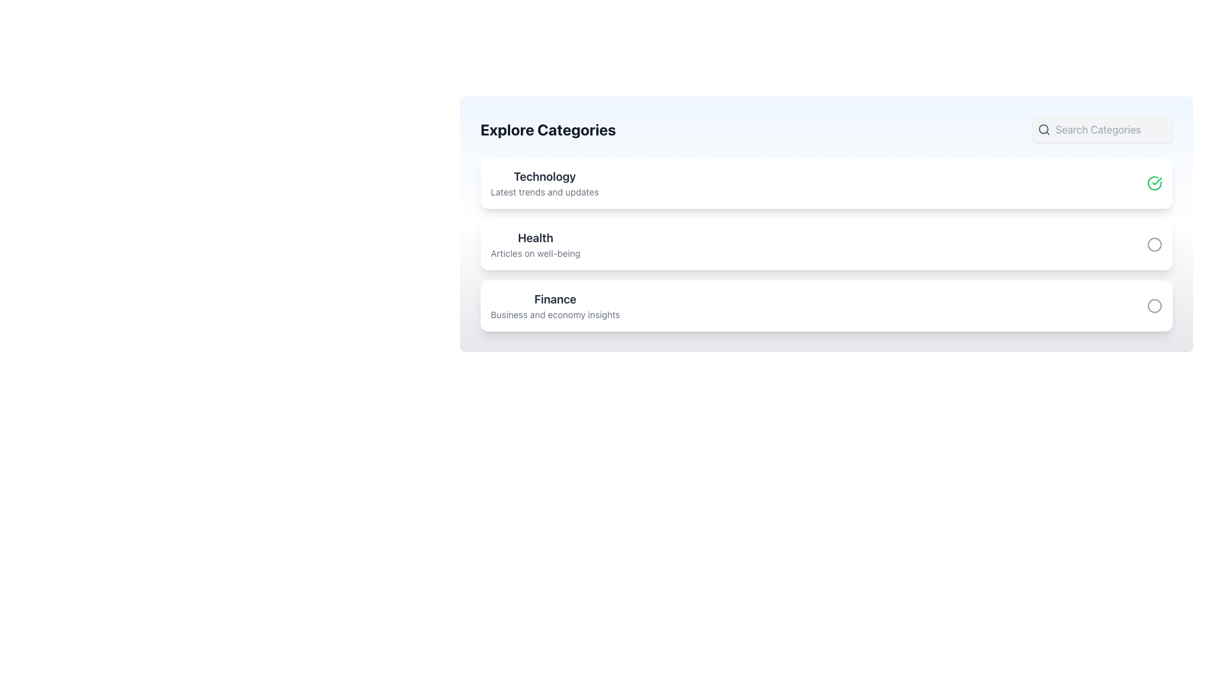 Image resolution: width=1227 pixels, height=690 pixels. Describe the element at coordinates (1044, 130) in the screenshot. I see `the gray magnifying glass icon located in the top-right corner of the search bar component, positioned to the left of the text input field` at that location.